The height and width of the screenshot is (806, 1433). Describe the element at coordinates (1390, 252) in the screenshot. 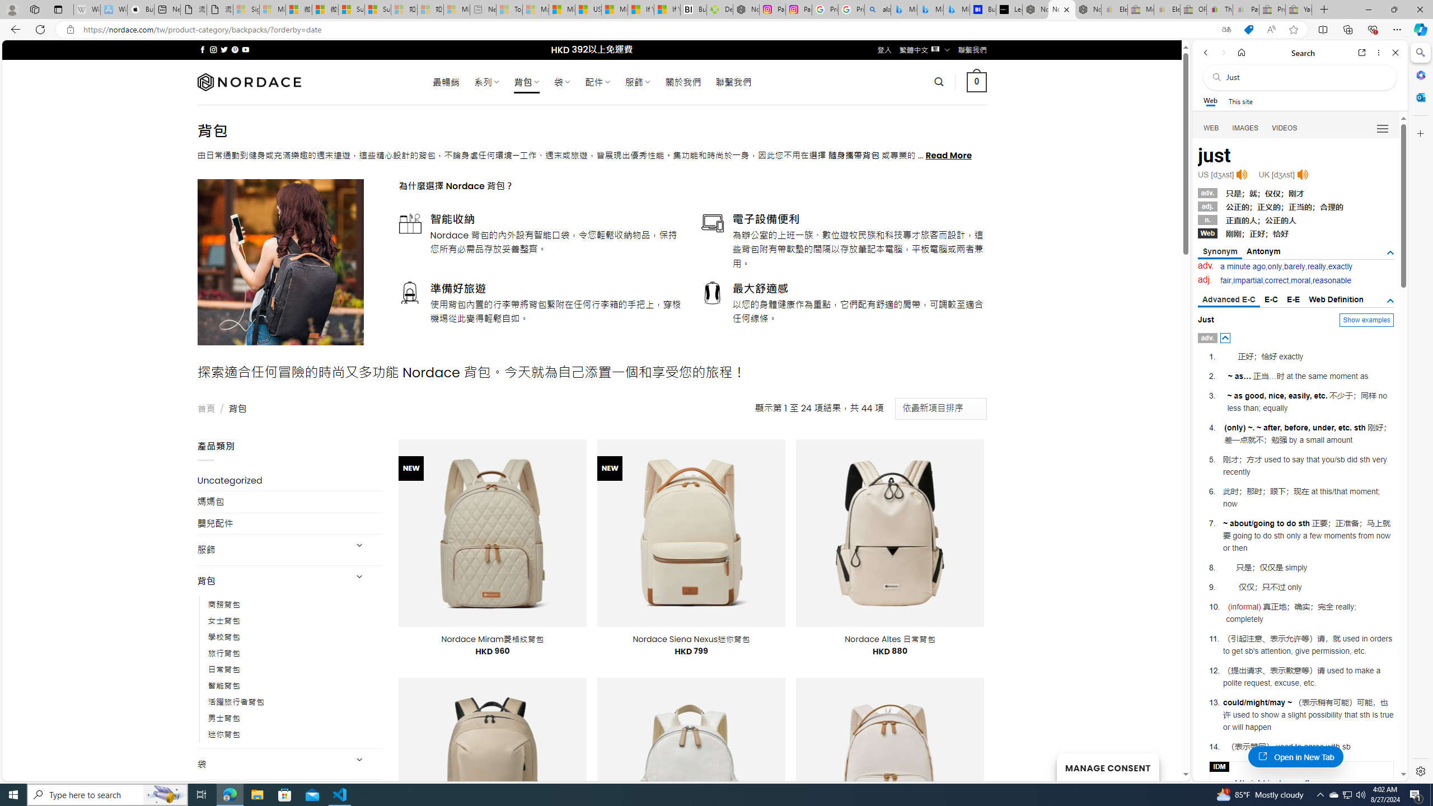

I see `'AutomationID: tgsb'` at that location.